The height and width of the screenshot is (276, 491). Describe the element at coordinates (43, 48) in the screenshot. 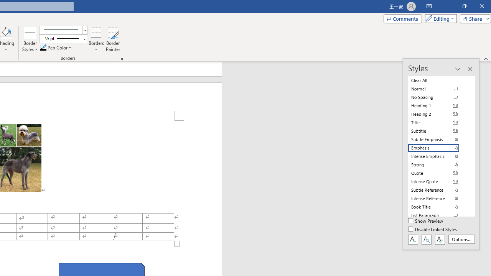

I see `'Pen Color RGB(0, 0, 0)'` at that location.